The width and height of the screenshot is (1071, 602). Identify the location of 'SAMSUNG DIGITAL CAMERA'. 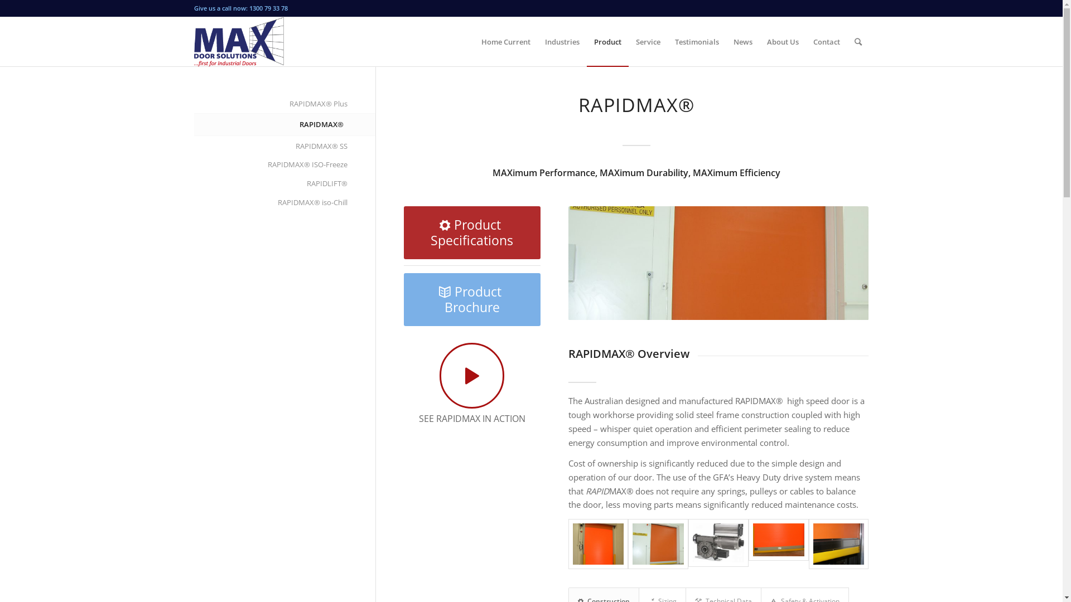
(718, 263).